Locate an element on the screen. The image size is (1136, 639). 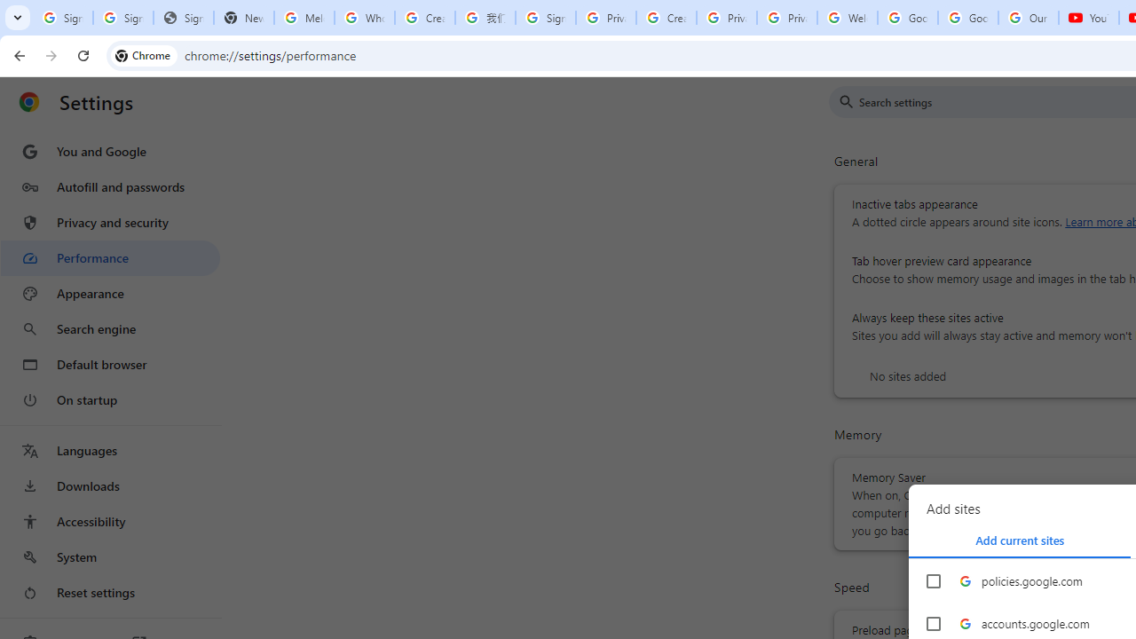
'New Tab' is located at coordinates (242, 18).